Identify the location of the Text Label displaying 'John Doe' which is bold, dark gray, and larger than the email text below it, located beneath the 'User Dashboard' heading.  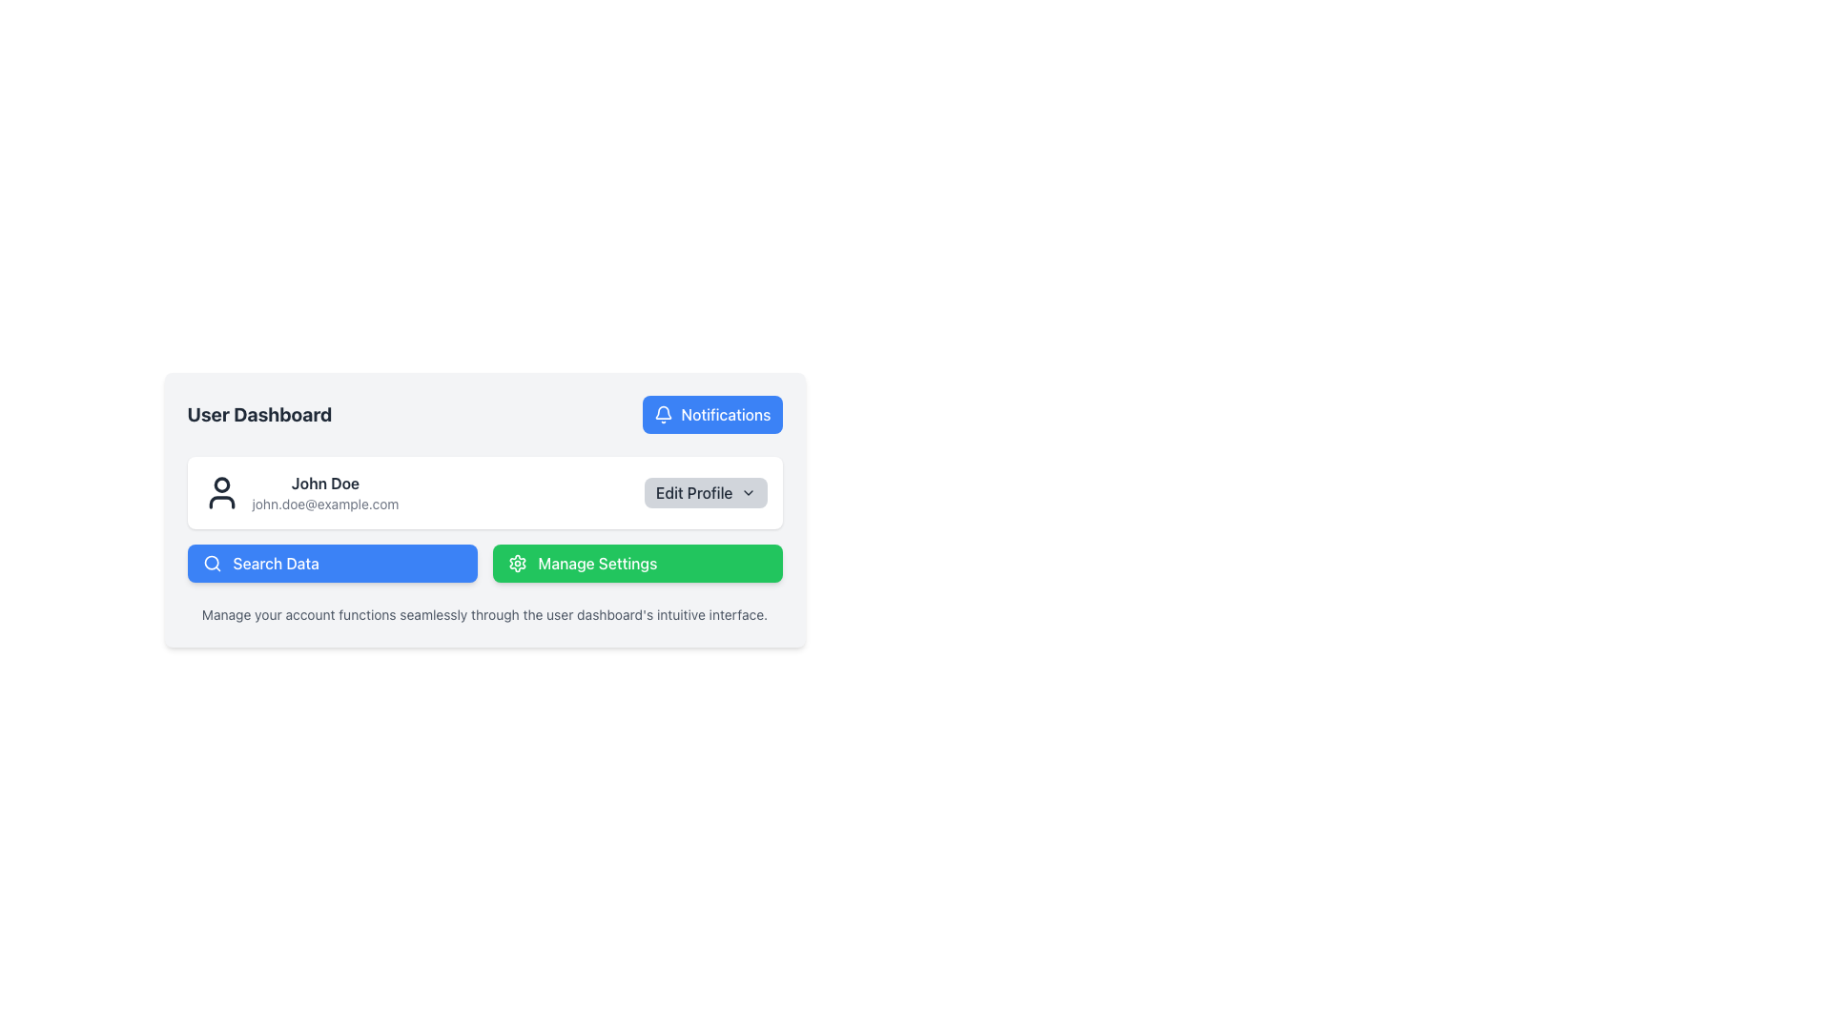
(325, 482).